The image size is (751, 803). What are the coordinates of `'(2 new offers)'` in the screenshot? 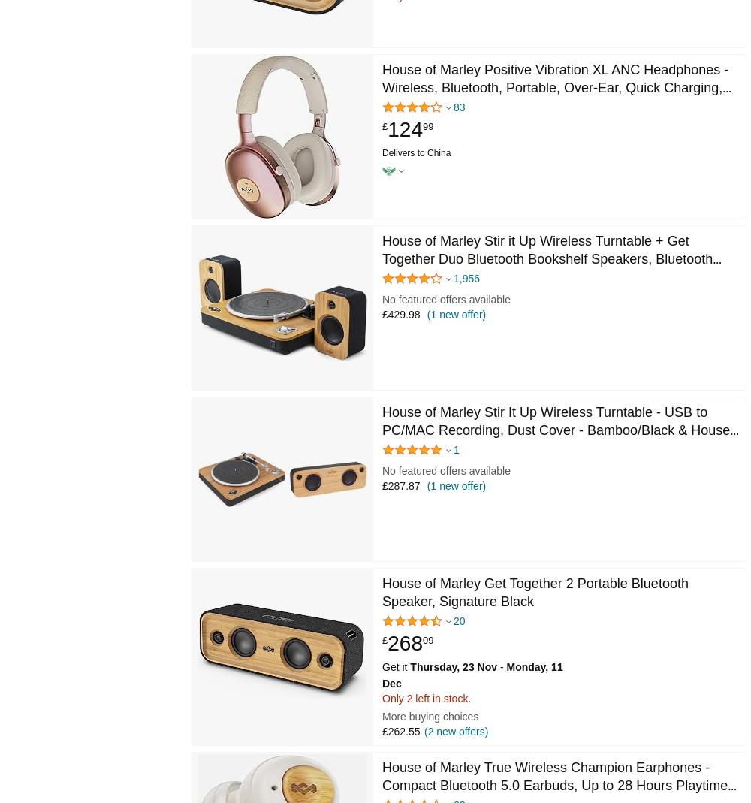 It's located at (455, 731).